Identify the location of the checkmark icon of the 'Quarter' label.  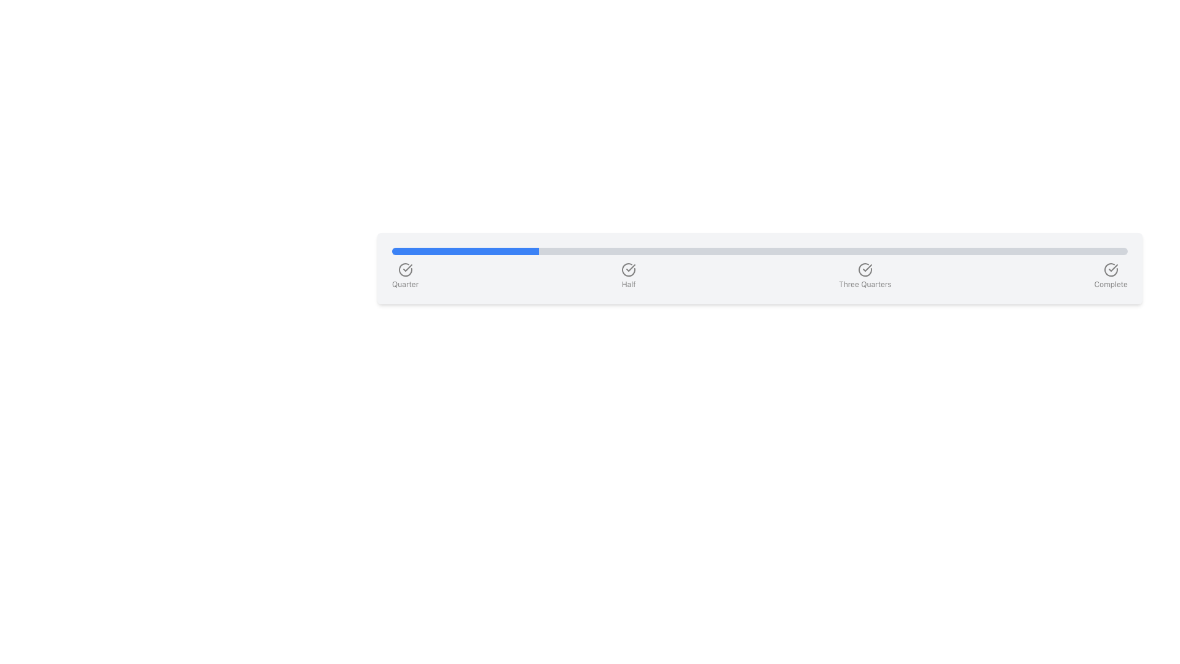
(405, 275).